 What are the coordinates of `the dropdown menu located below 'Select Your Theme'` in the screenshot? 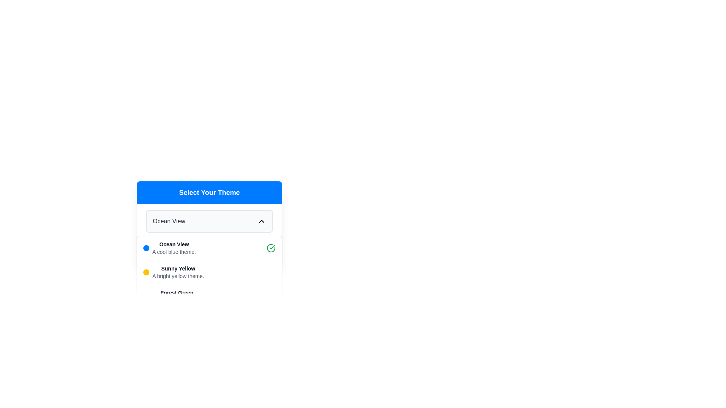 It's located at (209, 221).